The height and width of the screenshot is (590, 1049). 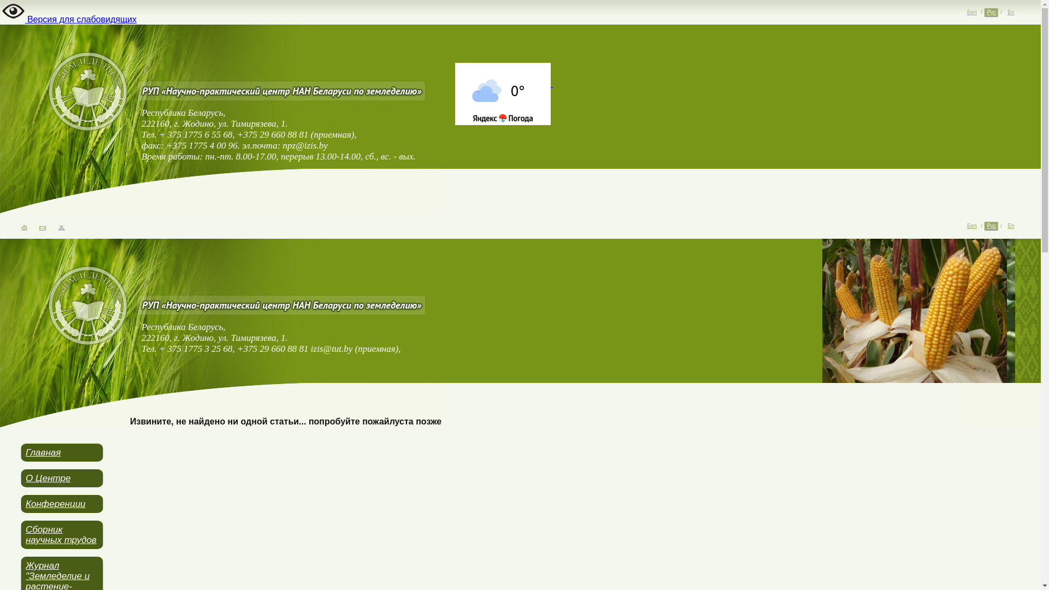 I want to click on 'En', so click(x=1010, y=226).